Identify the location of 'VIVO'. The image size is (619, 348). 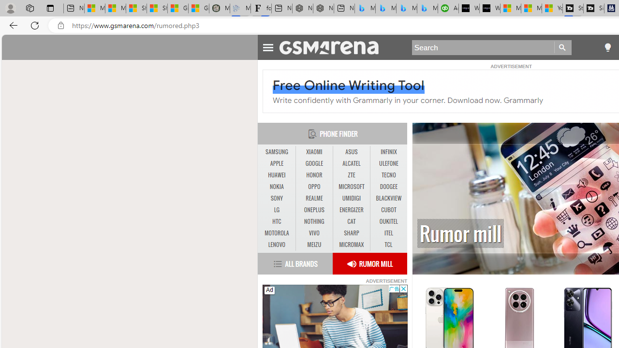
(314, 233).